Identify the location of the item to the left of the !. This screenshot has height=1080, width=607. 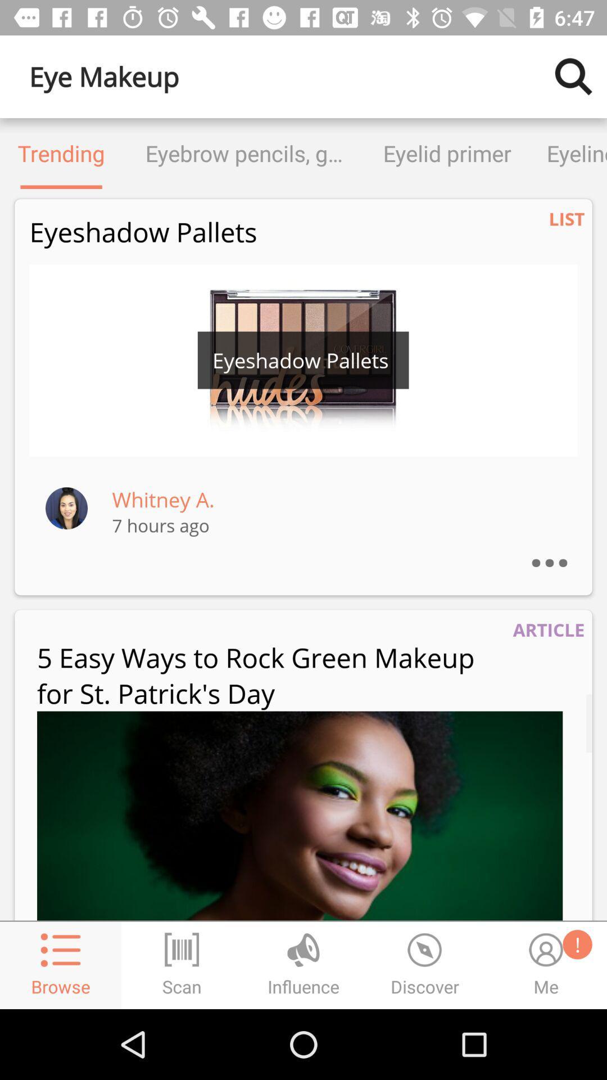
(299, 816).